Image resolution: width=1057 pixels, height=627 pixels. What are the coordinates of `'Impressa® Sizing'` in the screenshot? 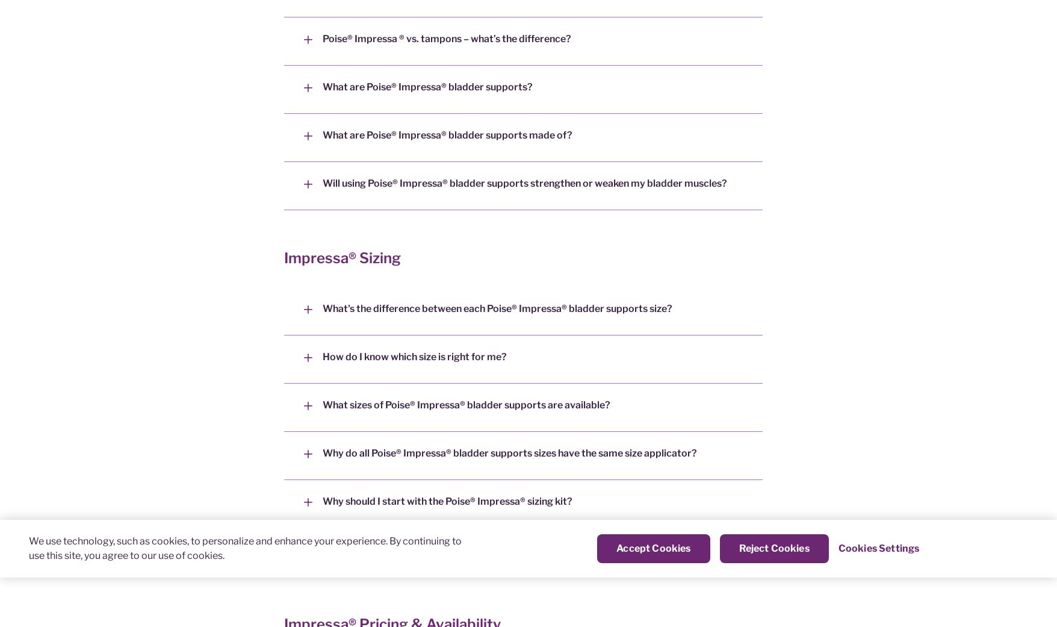 It's located at (341, 257).